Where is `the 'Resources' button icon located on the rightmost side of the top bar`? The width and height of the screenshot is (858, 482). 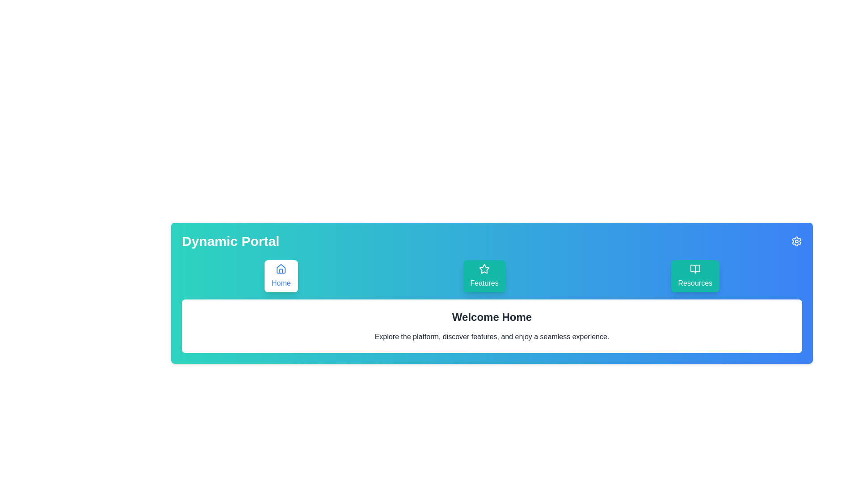 the 'Resources' button icon located on the rightmost side of the top bar is located at coordinates (694, 268).